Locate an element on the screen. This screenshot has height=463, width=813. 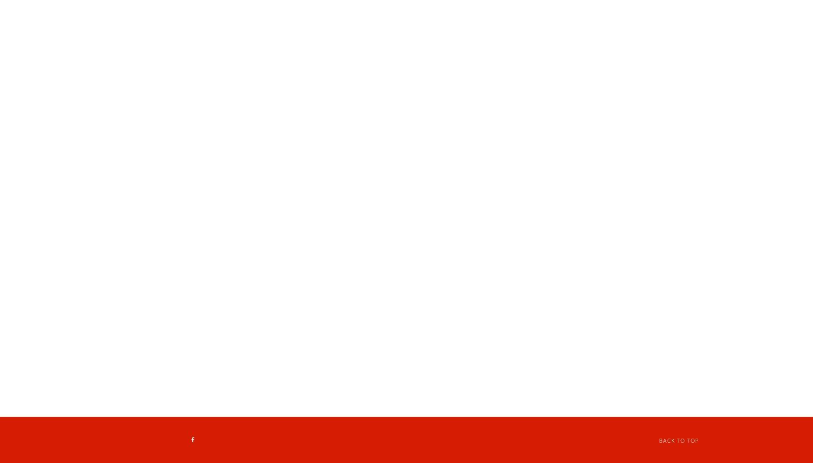
'Flan' is located at coordinates (212, 171).